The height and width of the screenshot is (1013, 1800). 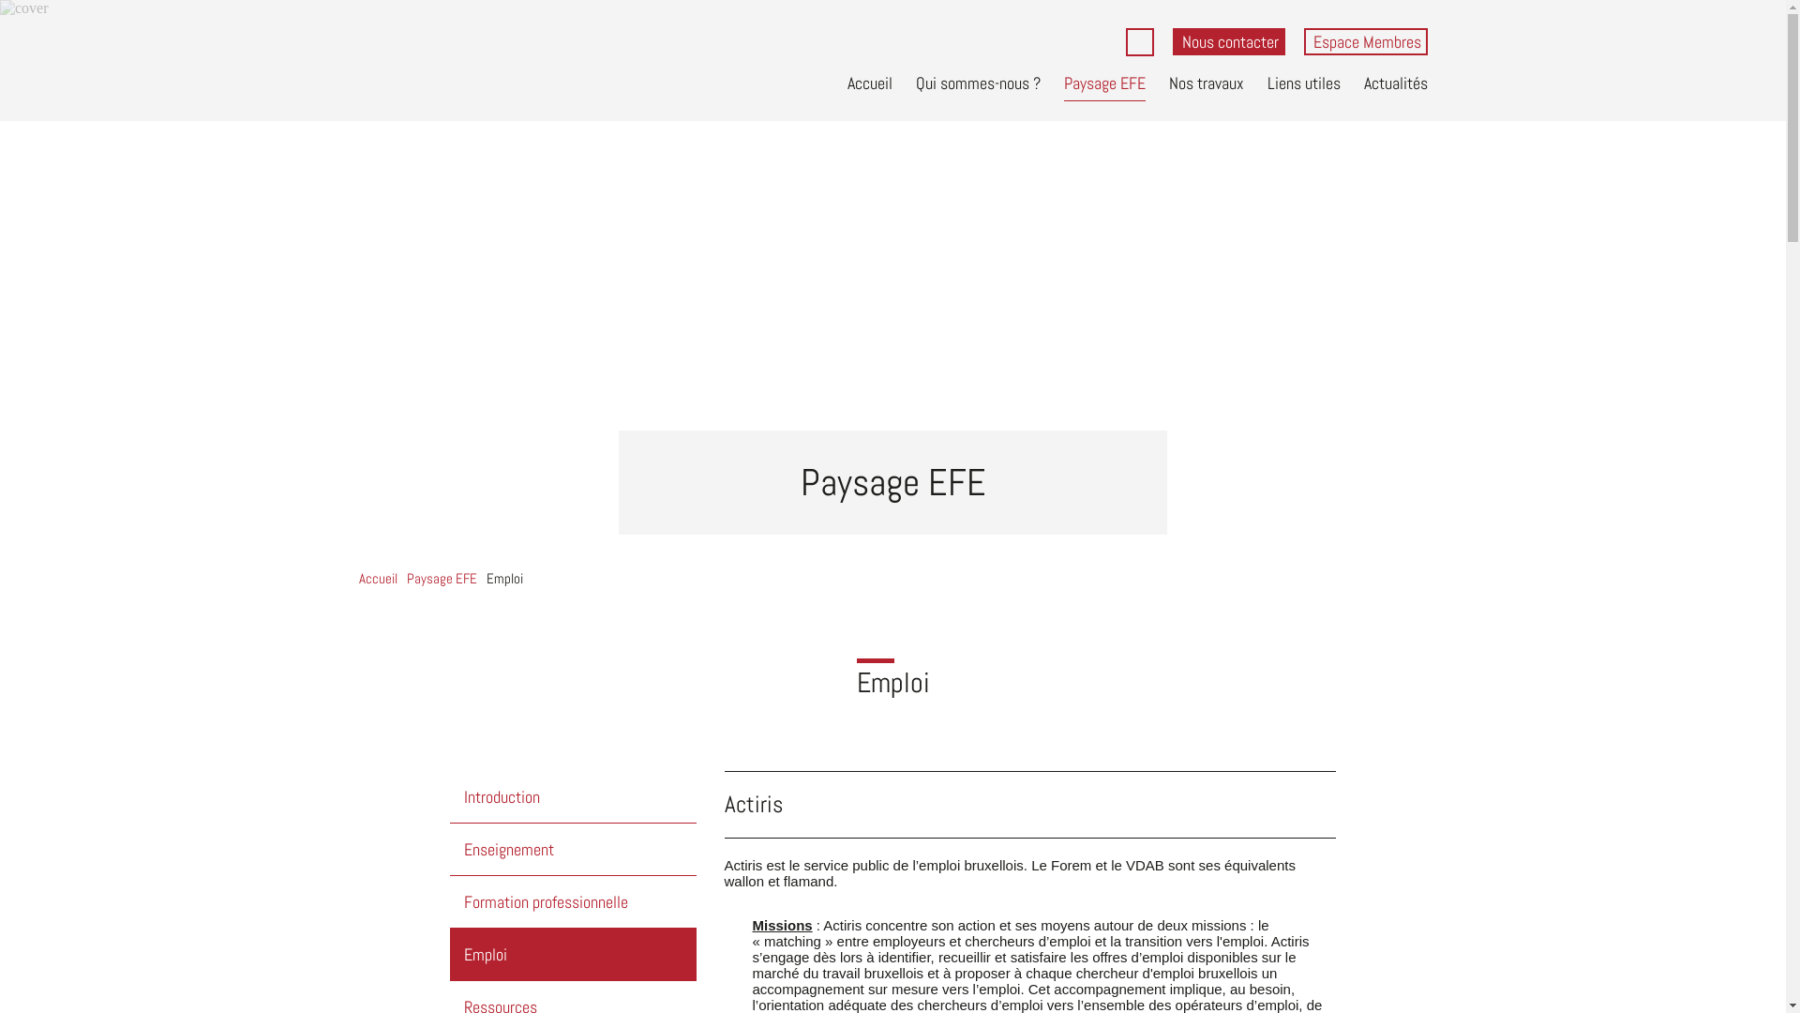 What do you see at coordinates (976, 77) in the screenshot?
I see `'Qui sommes-nous ?'` at bounding box center [976, 77].